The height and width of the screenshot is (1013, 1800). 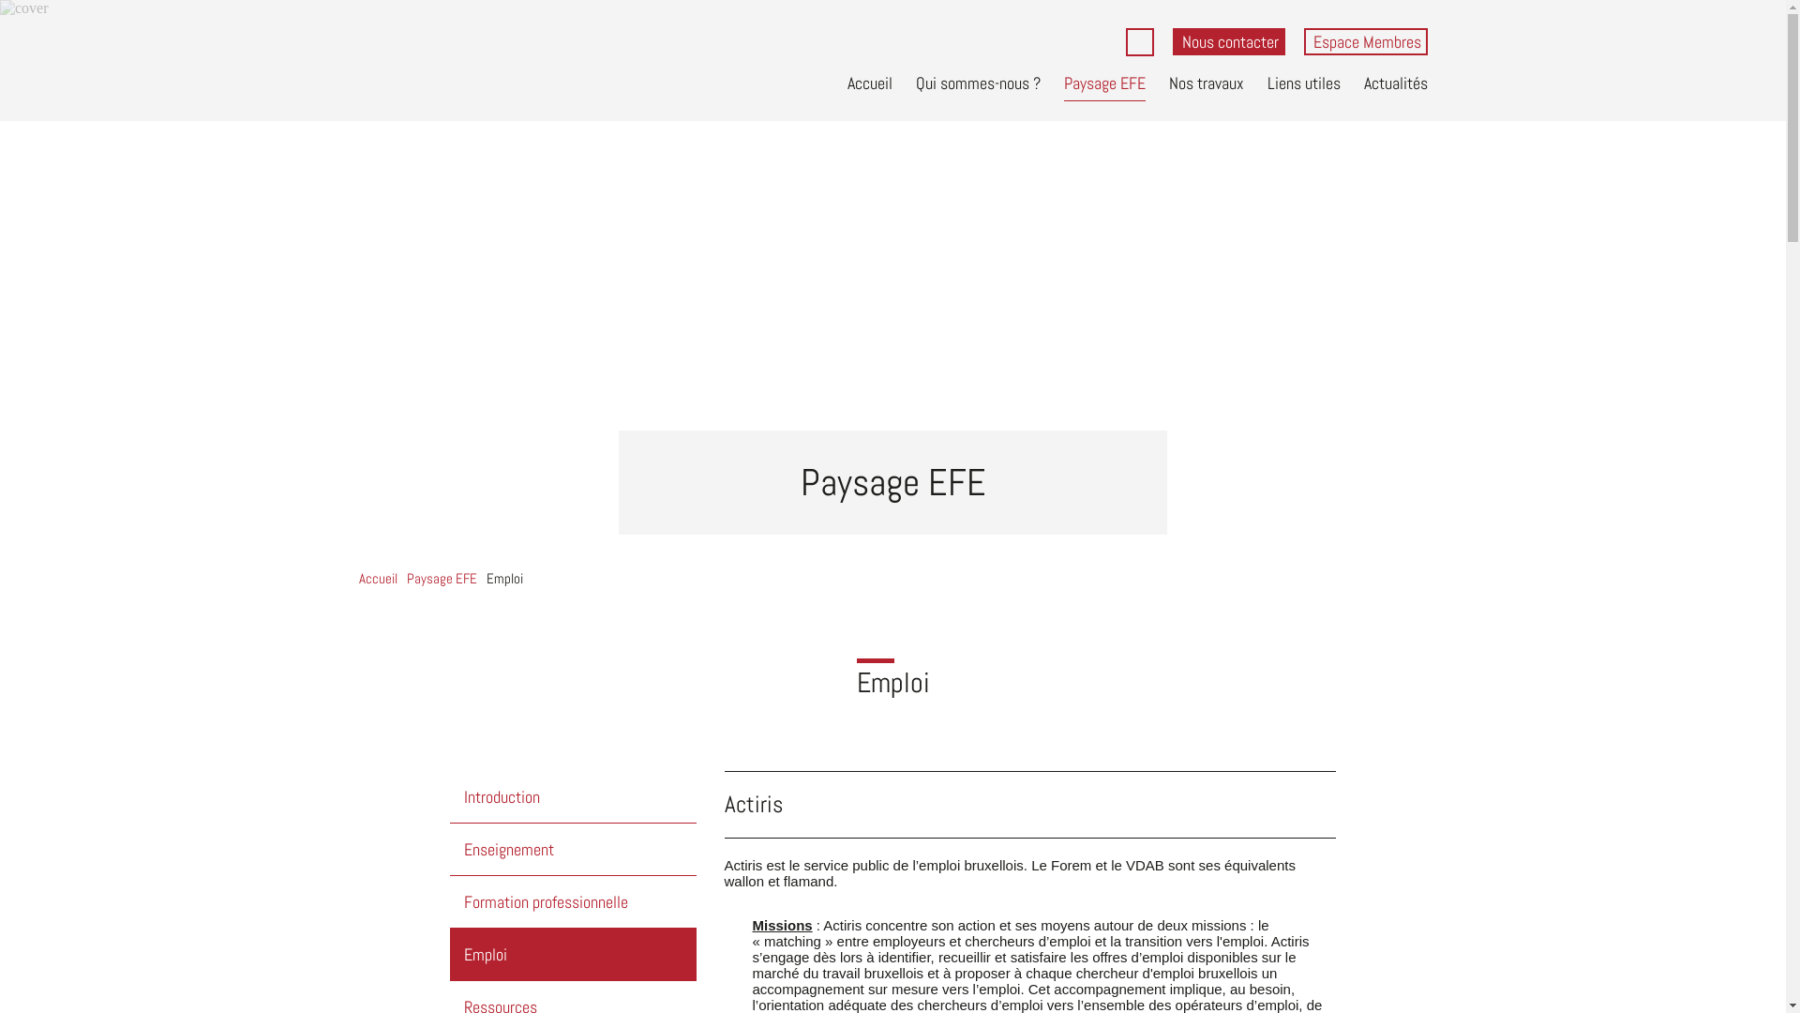 What do you see at coordinates (976, 77) in the screenshot?
I see `'Qui sommes-nous ?'` at bounding box center [976, 77].